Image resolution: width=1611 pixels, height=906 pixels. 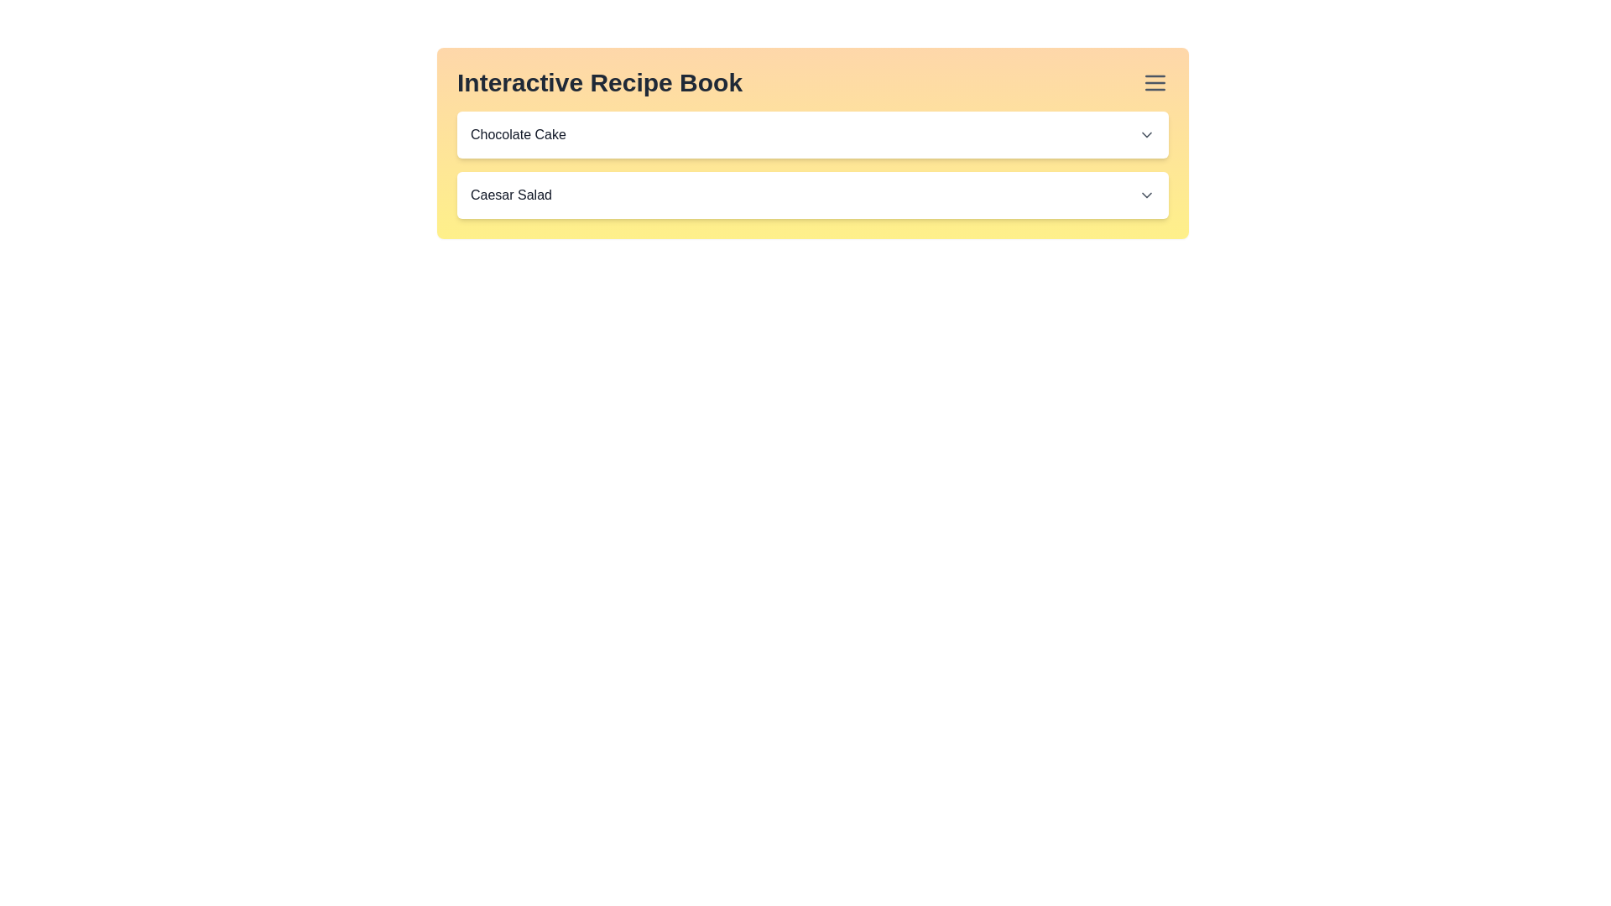 I want to click on the Chevron-Down icon located on the right-hand side of the white rectangular area displaying the text in the Chocolate Cake section, so click(x=1146, y=134).